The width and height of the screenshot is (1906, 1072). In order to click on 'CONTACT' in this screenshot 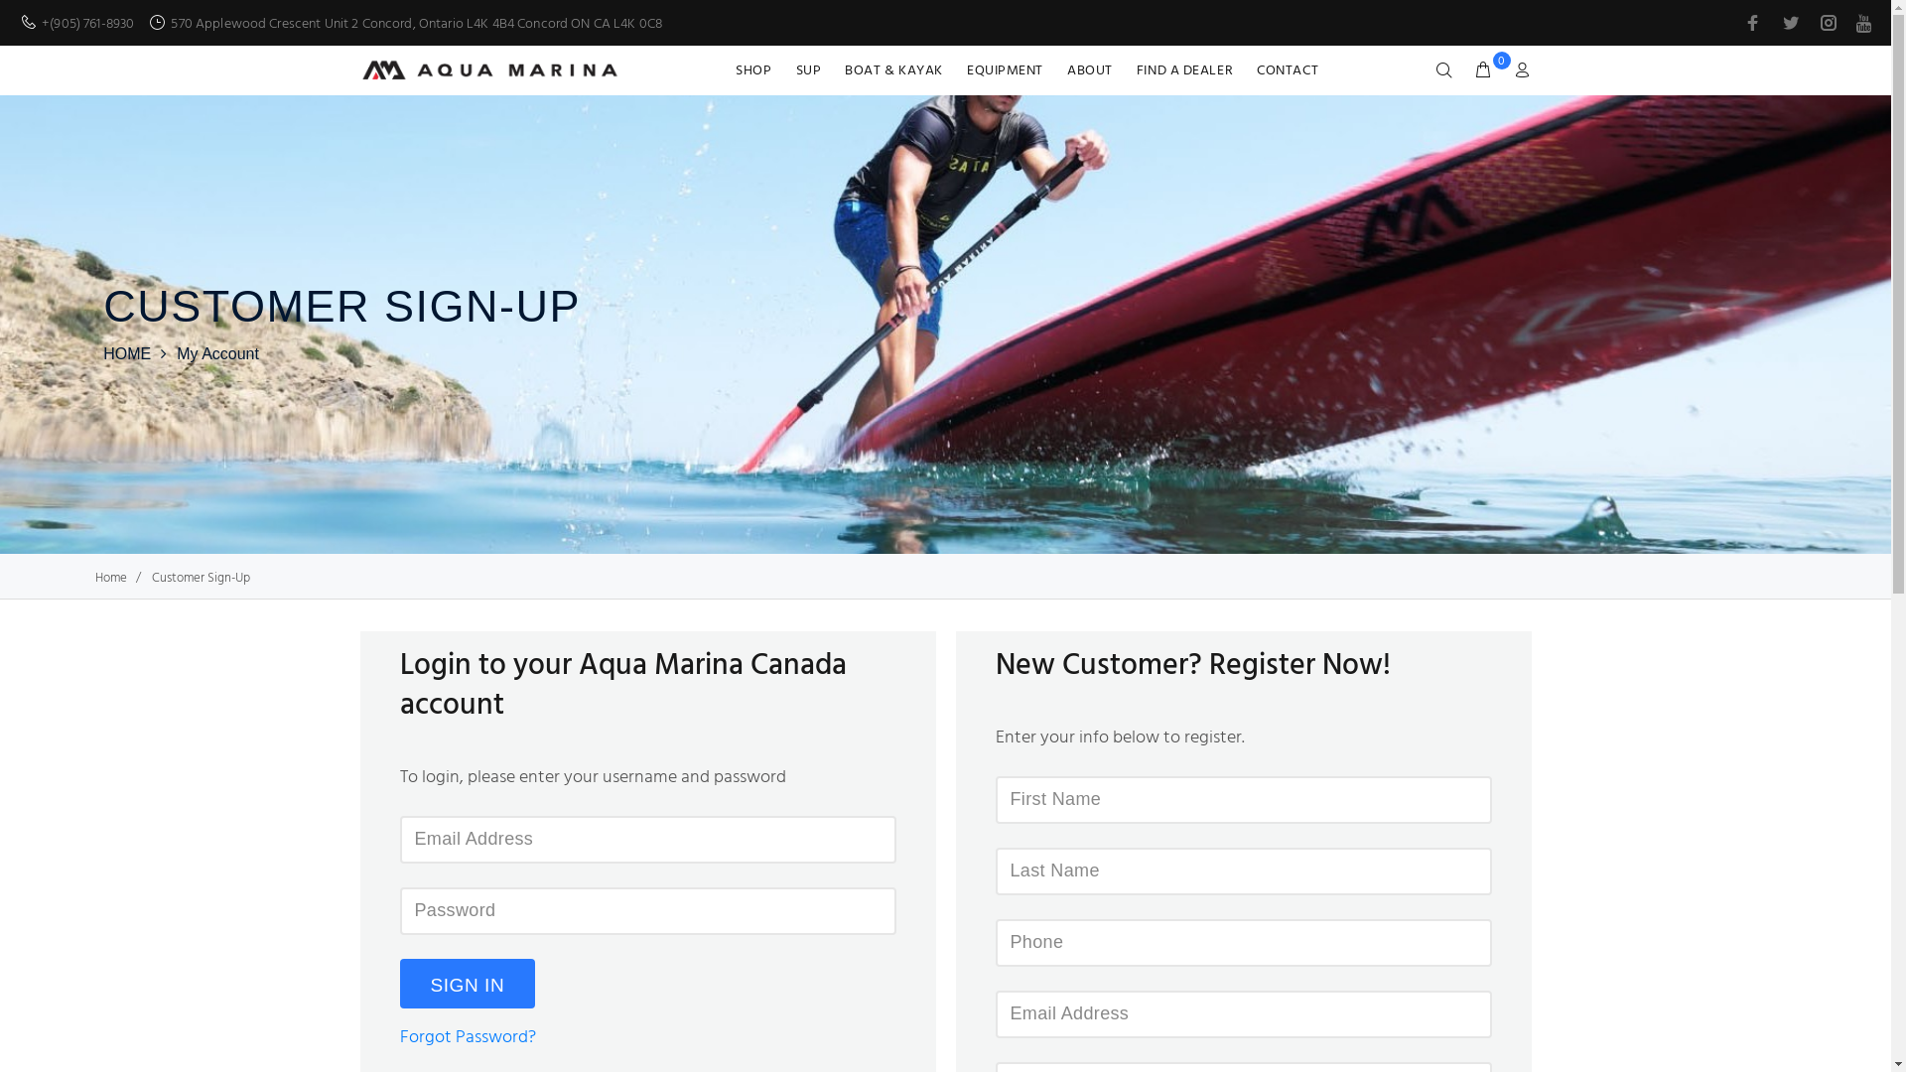, I will do `click(1243, 68)`.